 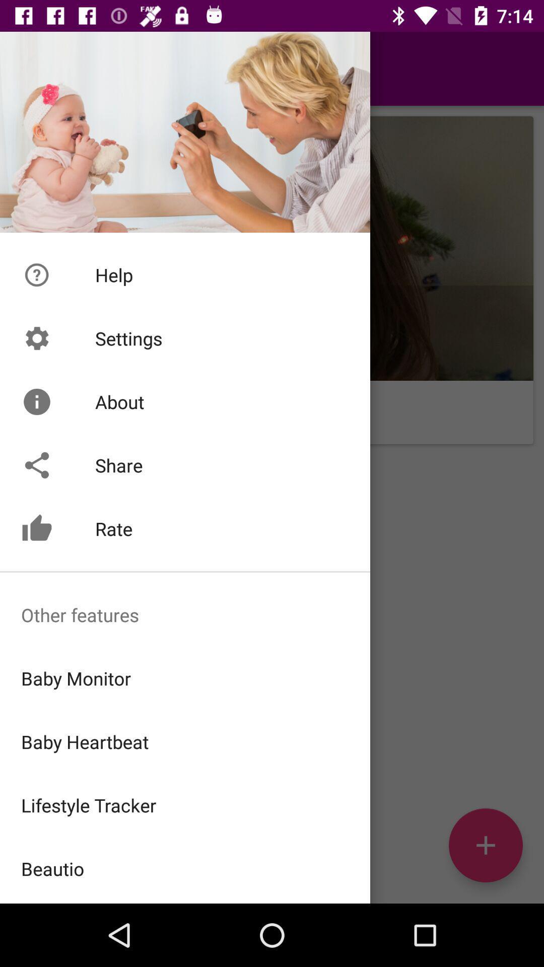 What do you see at coordinates (485, 845) in the screenshot?
I see `the add icon` at bounding box center [485, 845].